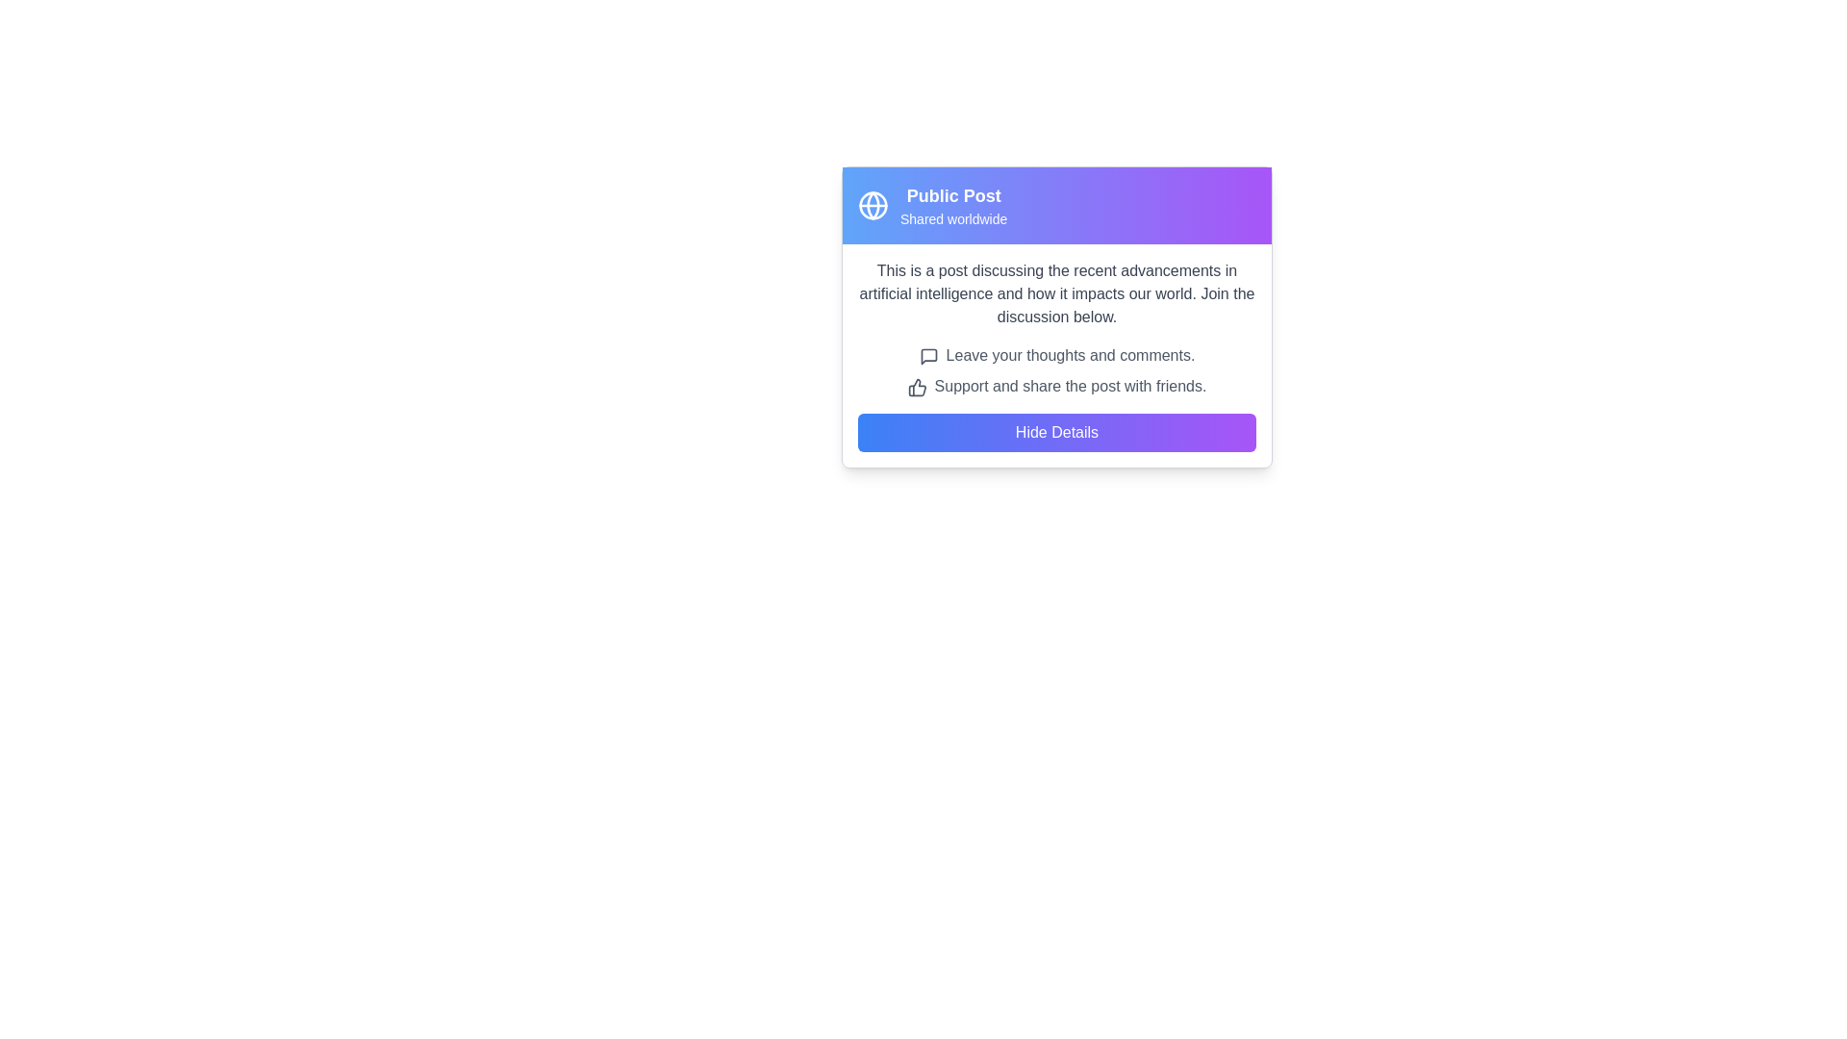  I want to click on the thumbs-up icon that represents endorsement or approval, located to the left of the text 'Support and share the post with friends.', so click(916, 387).